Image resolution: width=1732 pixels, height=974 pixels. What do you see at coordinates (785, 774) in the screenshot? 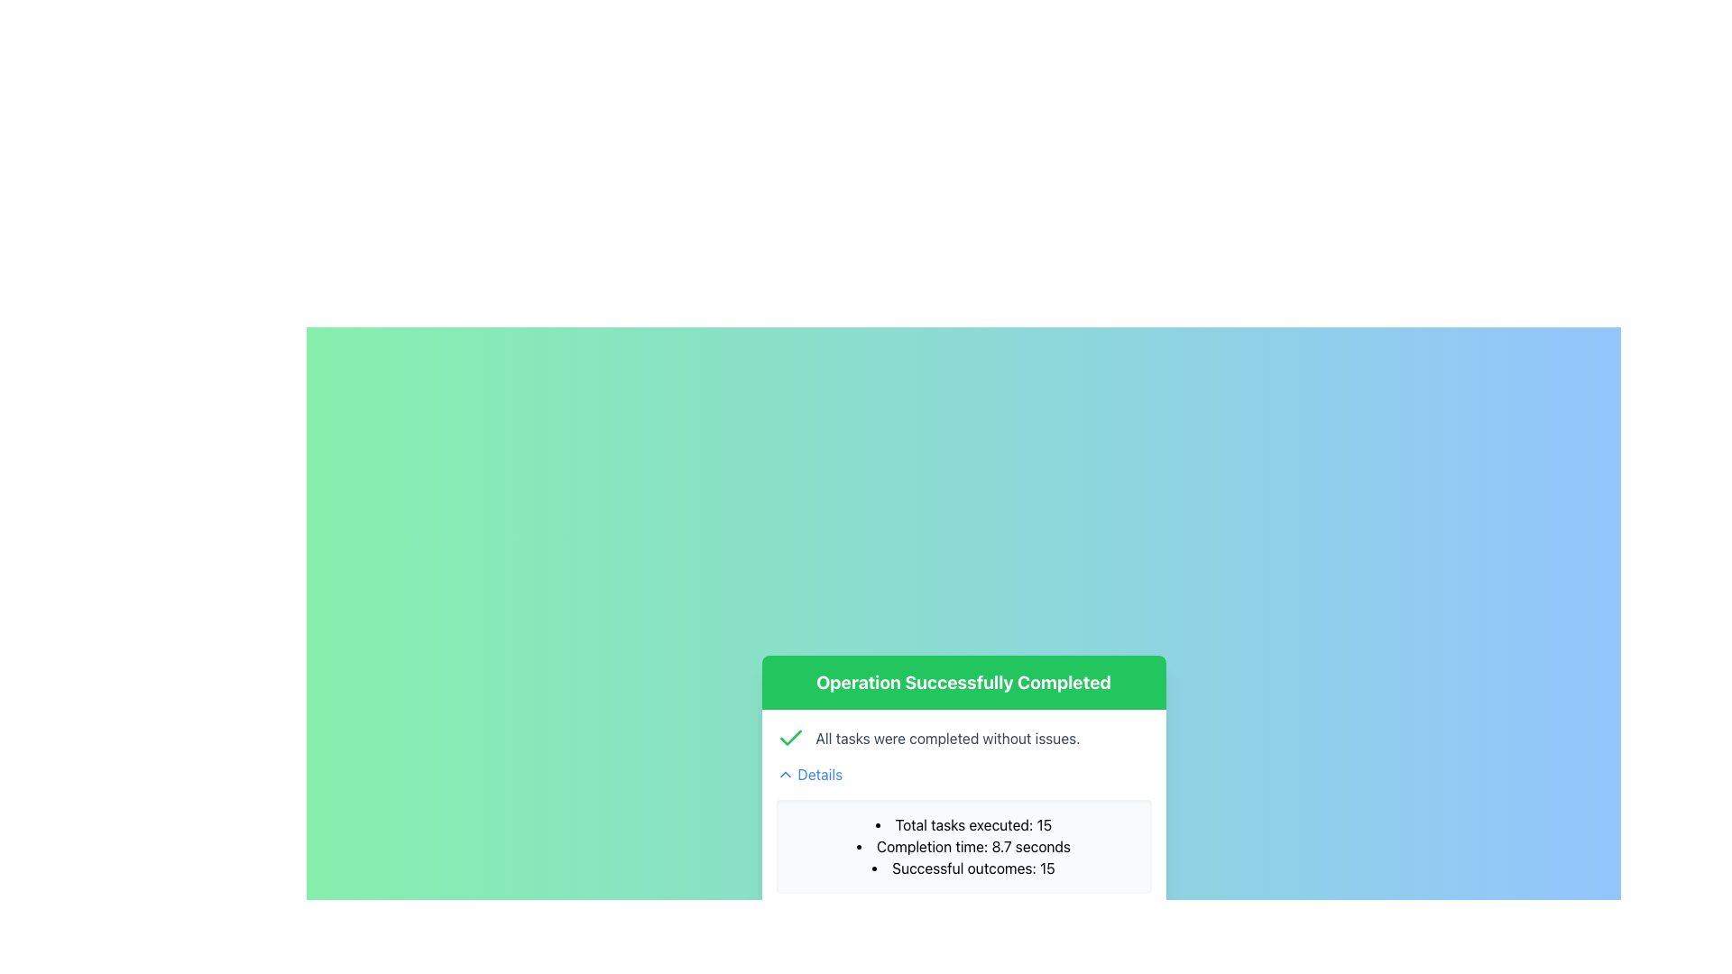
I see `the keyboard navigation on the downward-pointing chevron icon located to the left of the text 'Details'` at bounding box center [785, 774].